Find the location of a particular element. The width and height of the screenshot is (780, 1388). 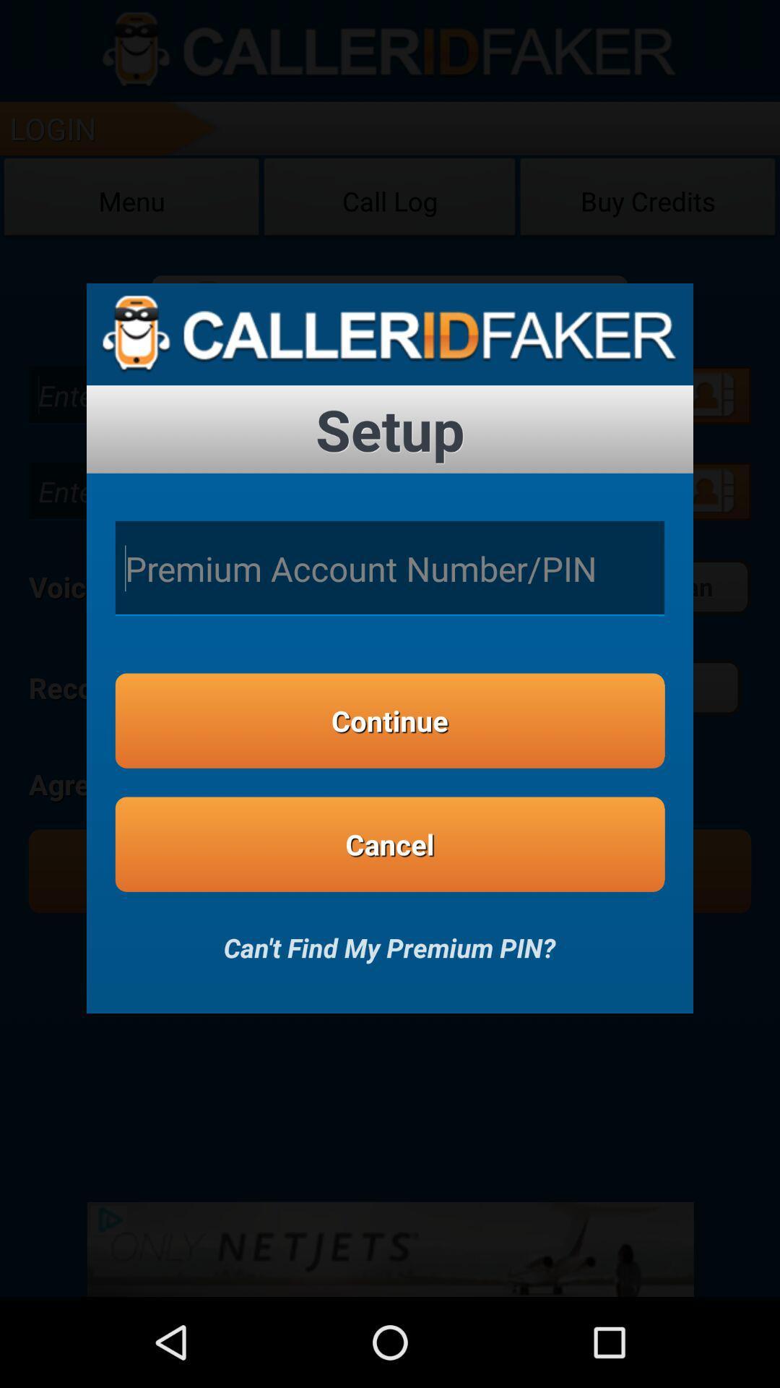

the continue button is located at coordinates (390, 721).